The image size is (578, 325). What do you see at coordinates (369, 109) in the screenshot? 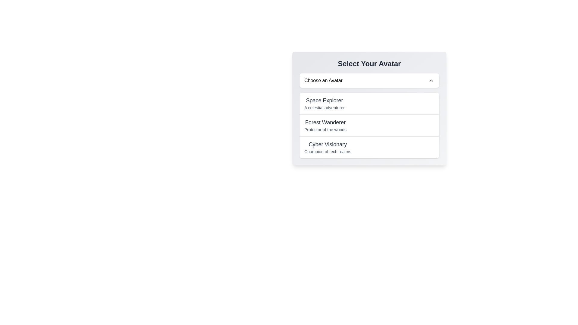
I see `the 'Space Explorer' choice card within the 'Select Your Avatar' option card` at bounding box center [369, 109].